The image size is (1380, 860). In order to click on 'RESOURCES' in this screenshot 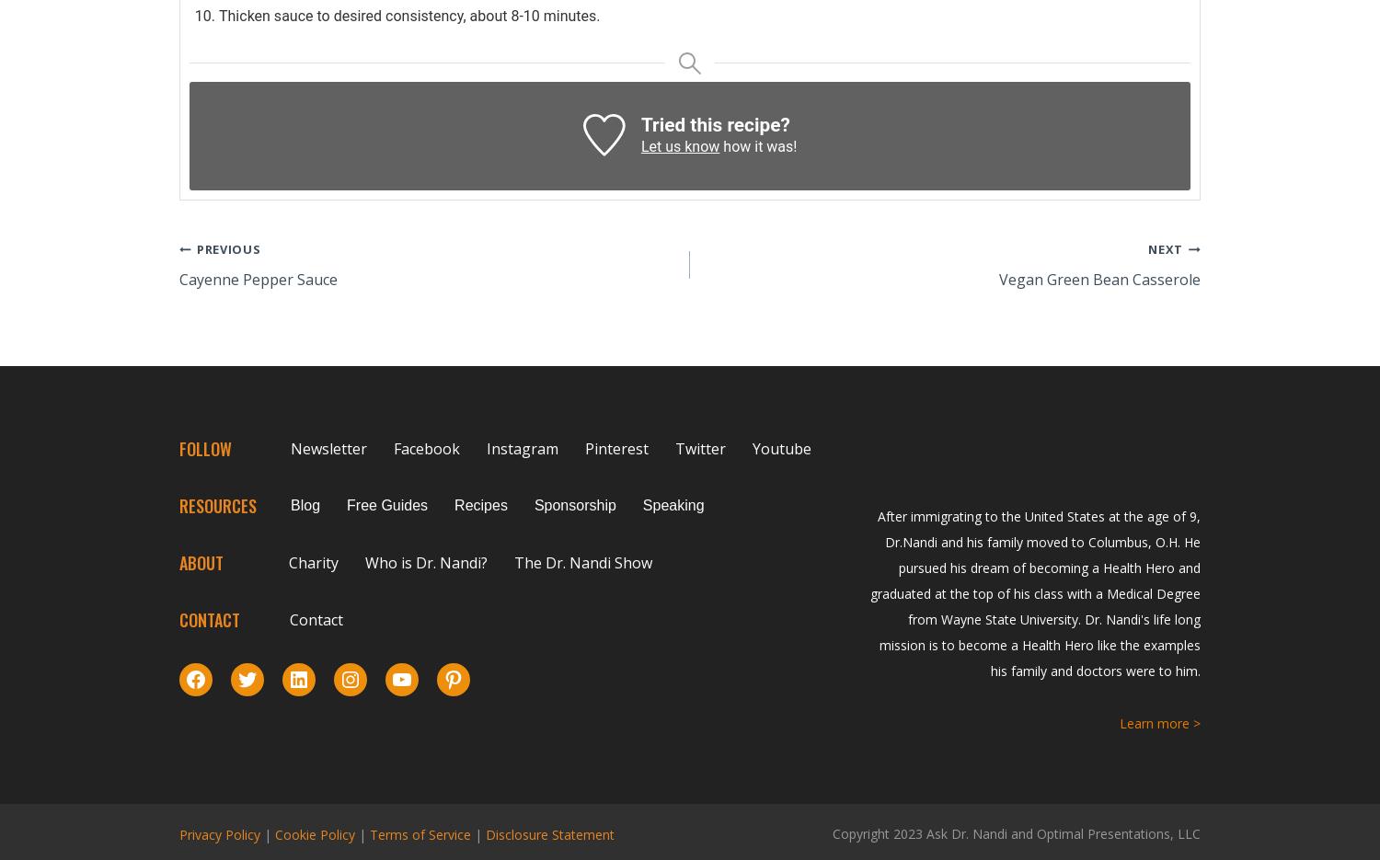, I will do `click(178, 504)`.